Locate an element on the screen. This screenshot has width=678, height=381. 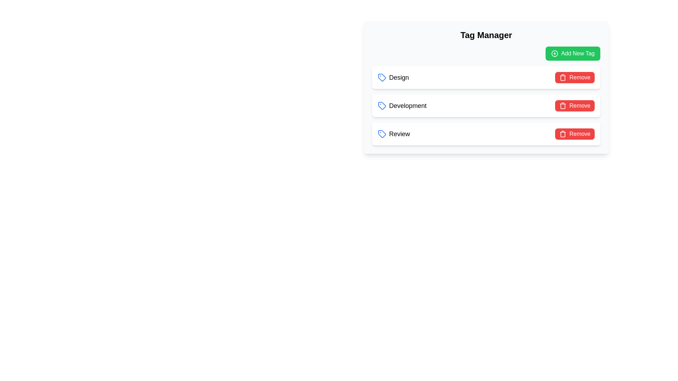
the text 'Review' in the Row containing the 'Remove' button to copy or edit it is located at coordinates (486, 134).